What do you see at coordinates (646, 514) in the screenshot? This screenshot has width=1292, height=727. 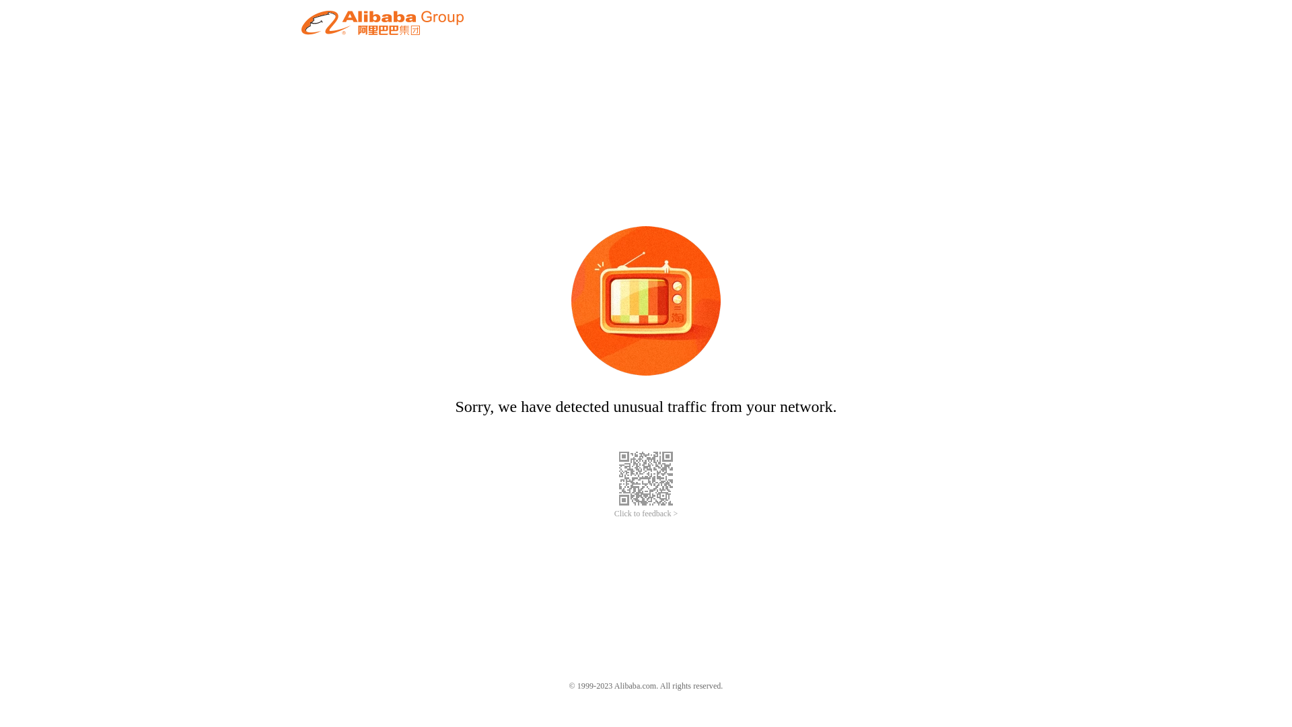 I see `'Click to feedback >'` at bounding box center [646, 514].